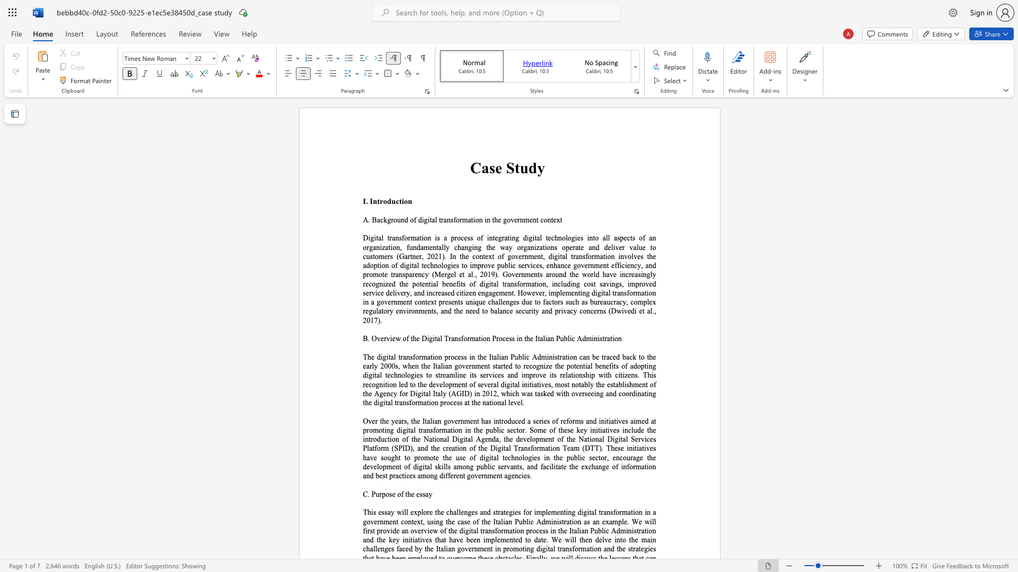 This screenshot has height=572, width=1018. Describe the element at coordinates (427, 357) in the screenshot. I see `the subset text "ation process in the Italian Public Administration can be traced back to the early 2000s, when the Italian government started to recognize the potential benefits of adopting digital technologies to streamline its services and improve its relationship with citizens. This recognition led to the development of several digital initiatives, most notably the establishment o" within the text "The digital transformation process in the Italian Public Administration can be traced back to the early 2000s, when the Italian government started to recognize the potential benefits of adopting digital technologies to streamline its services and improve its relationship with citizens. This recognition led to the development of several digital initiatives, most notably the establishment of the Agency for Digital Italy (AGID) in 2012, which was tasked with overseeing and coordinating the digital transformati"` at that location.